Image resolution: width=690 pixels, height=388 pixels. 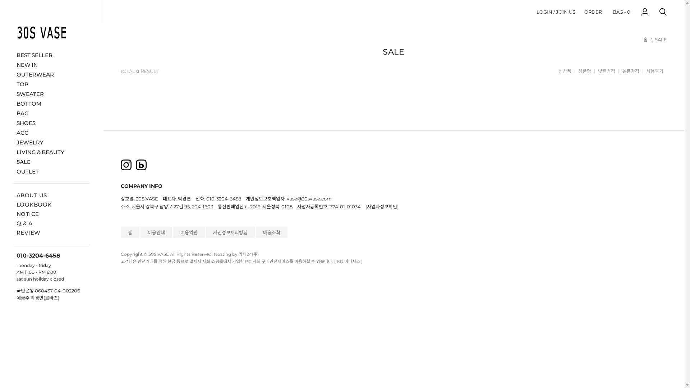 I want to click on 'NOTICE', so click(x=28, y=213).